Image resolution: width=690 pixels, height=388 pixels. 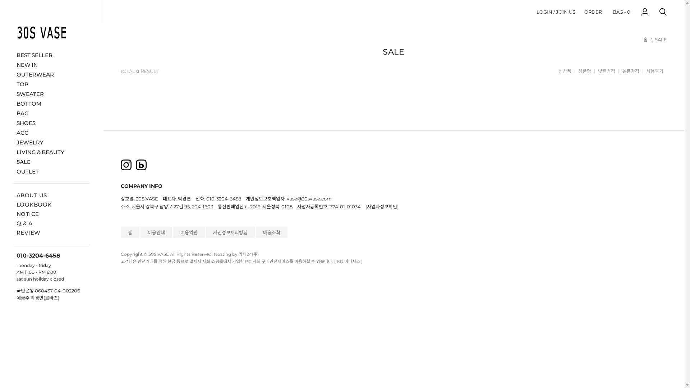 I want to click on 'NOTICE', so click(x=28, y=213).